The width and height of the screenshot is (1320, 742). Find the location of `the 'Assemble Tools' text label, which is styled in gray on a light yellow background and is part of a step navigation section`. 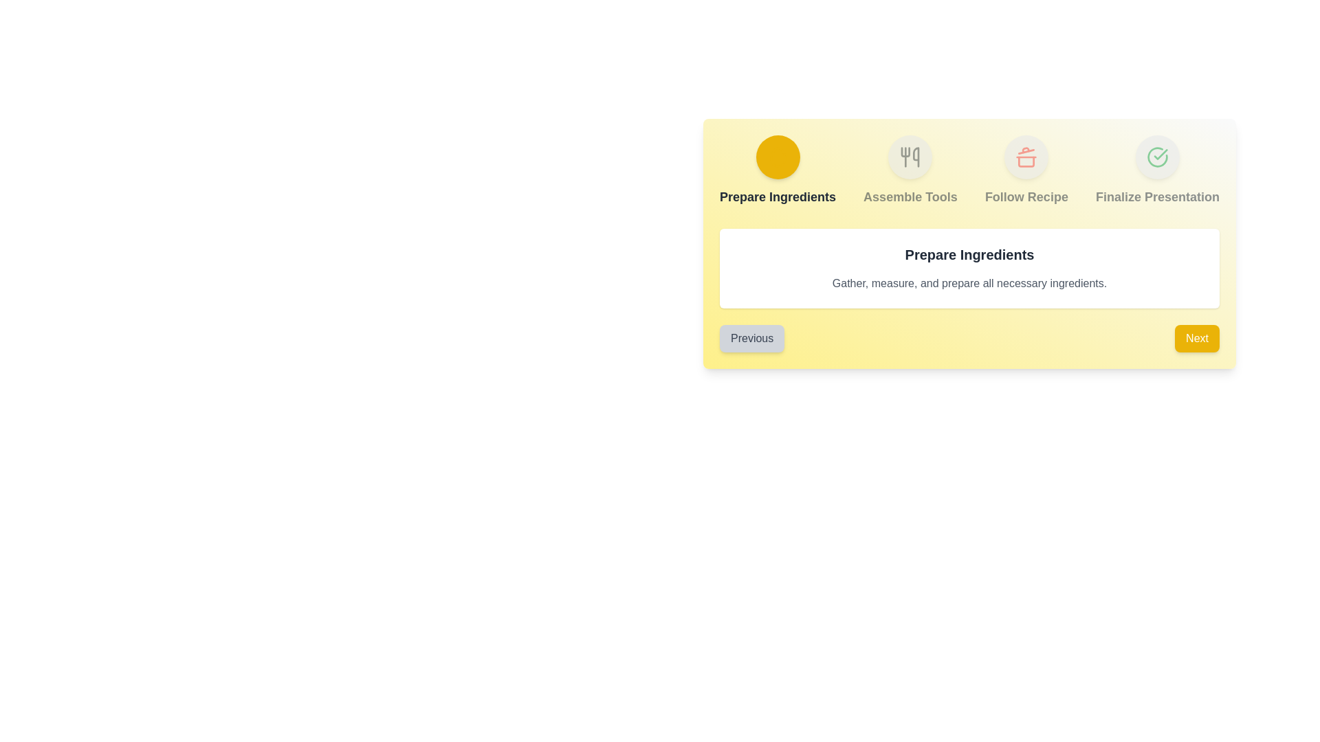

the 'Assemble Tools' text label, which is styled in gray on a light yellow background and is part of a step navigation section is located at coordinates (910, 196).